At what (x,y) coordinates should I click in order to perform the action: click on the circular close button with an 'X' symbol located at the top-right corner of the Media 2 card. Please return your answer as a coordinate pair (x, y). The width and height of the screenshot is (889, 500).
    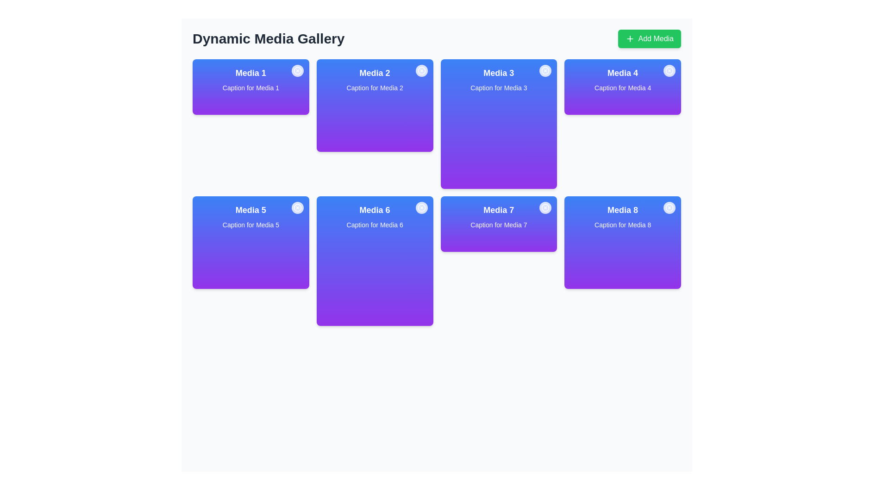
    Looking at the image, I should click on (421, 70).